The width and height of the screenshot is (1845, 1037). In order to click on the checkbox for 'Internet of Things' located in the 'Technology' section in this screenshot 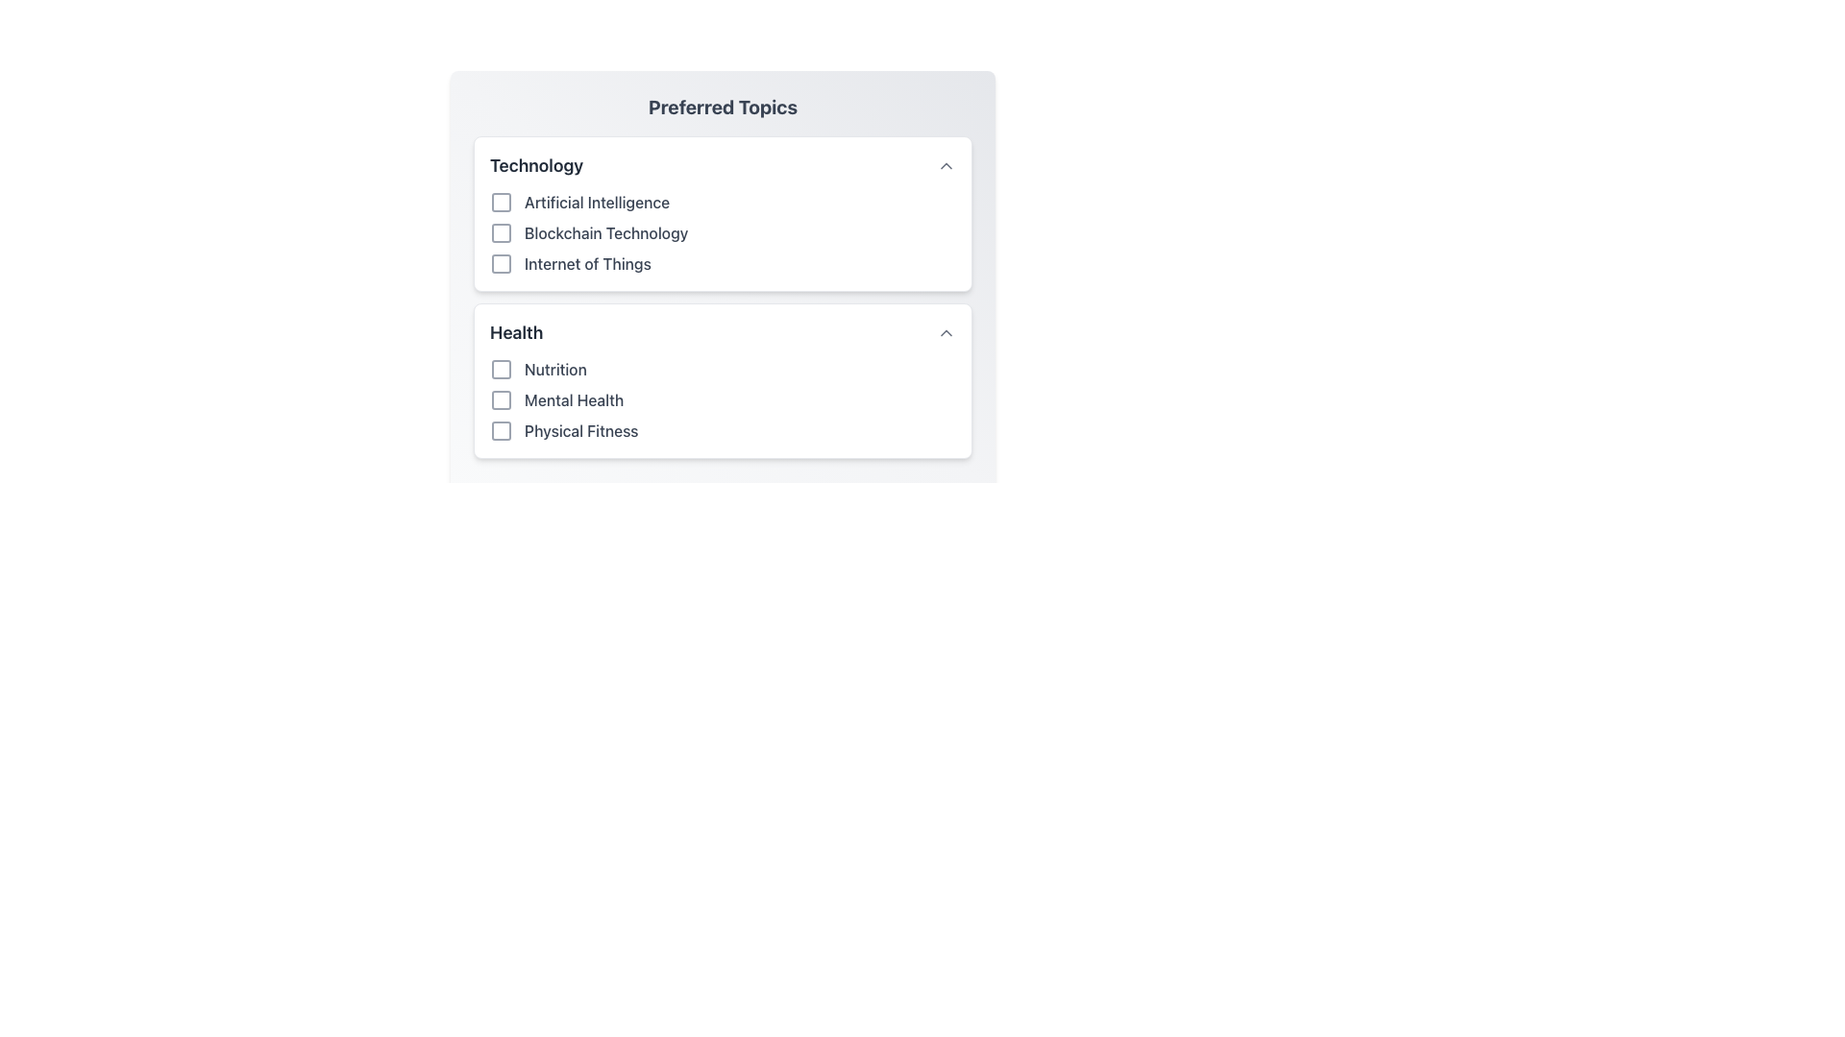, I will do `click(502, 263)`.